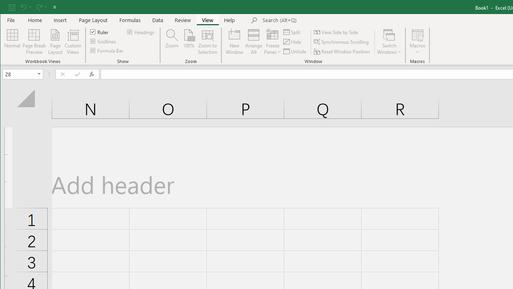 Image resolution: width=513 pixels, height=289 pixels. I want to click on 'Headings', so click(141, 31).